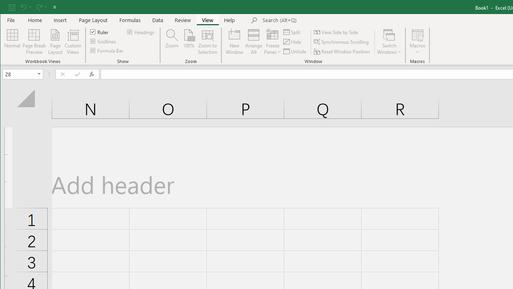 Image resolution: width=513 pixels, height=289 pixels. I want to click on 'Headings', so click(141, 31).